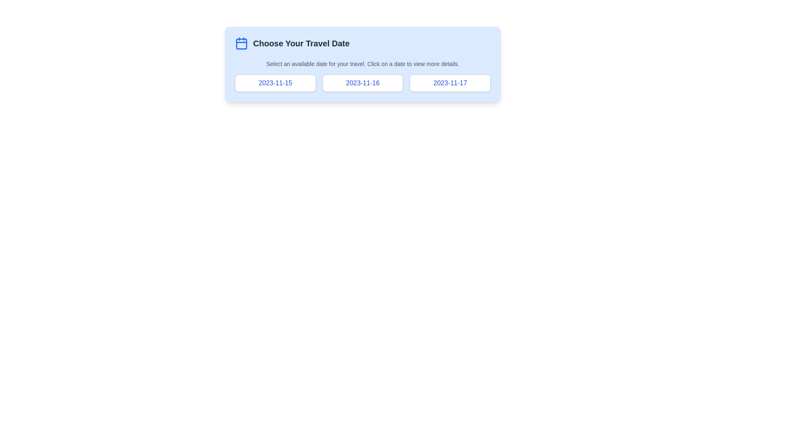 This screenshot has width=789, height=443. I want to click on the selectable date option button for '2023-11-16' in the date picker interface, so click(362, 83).